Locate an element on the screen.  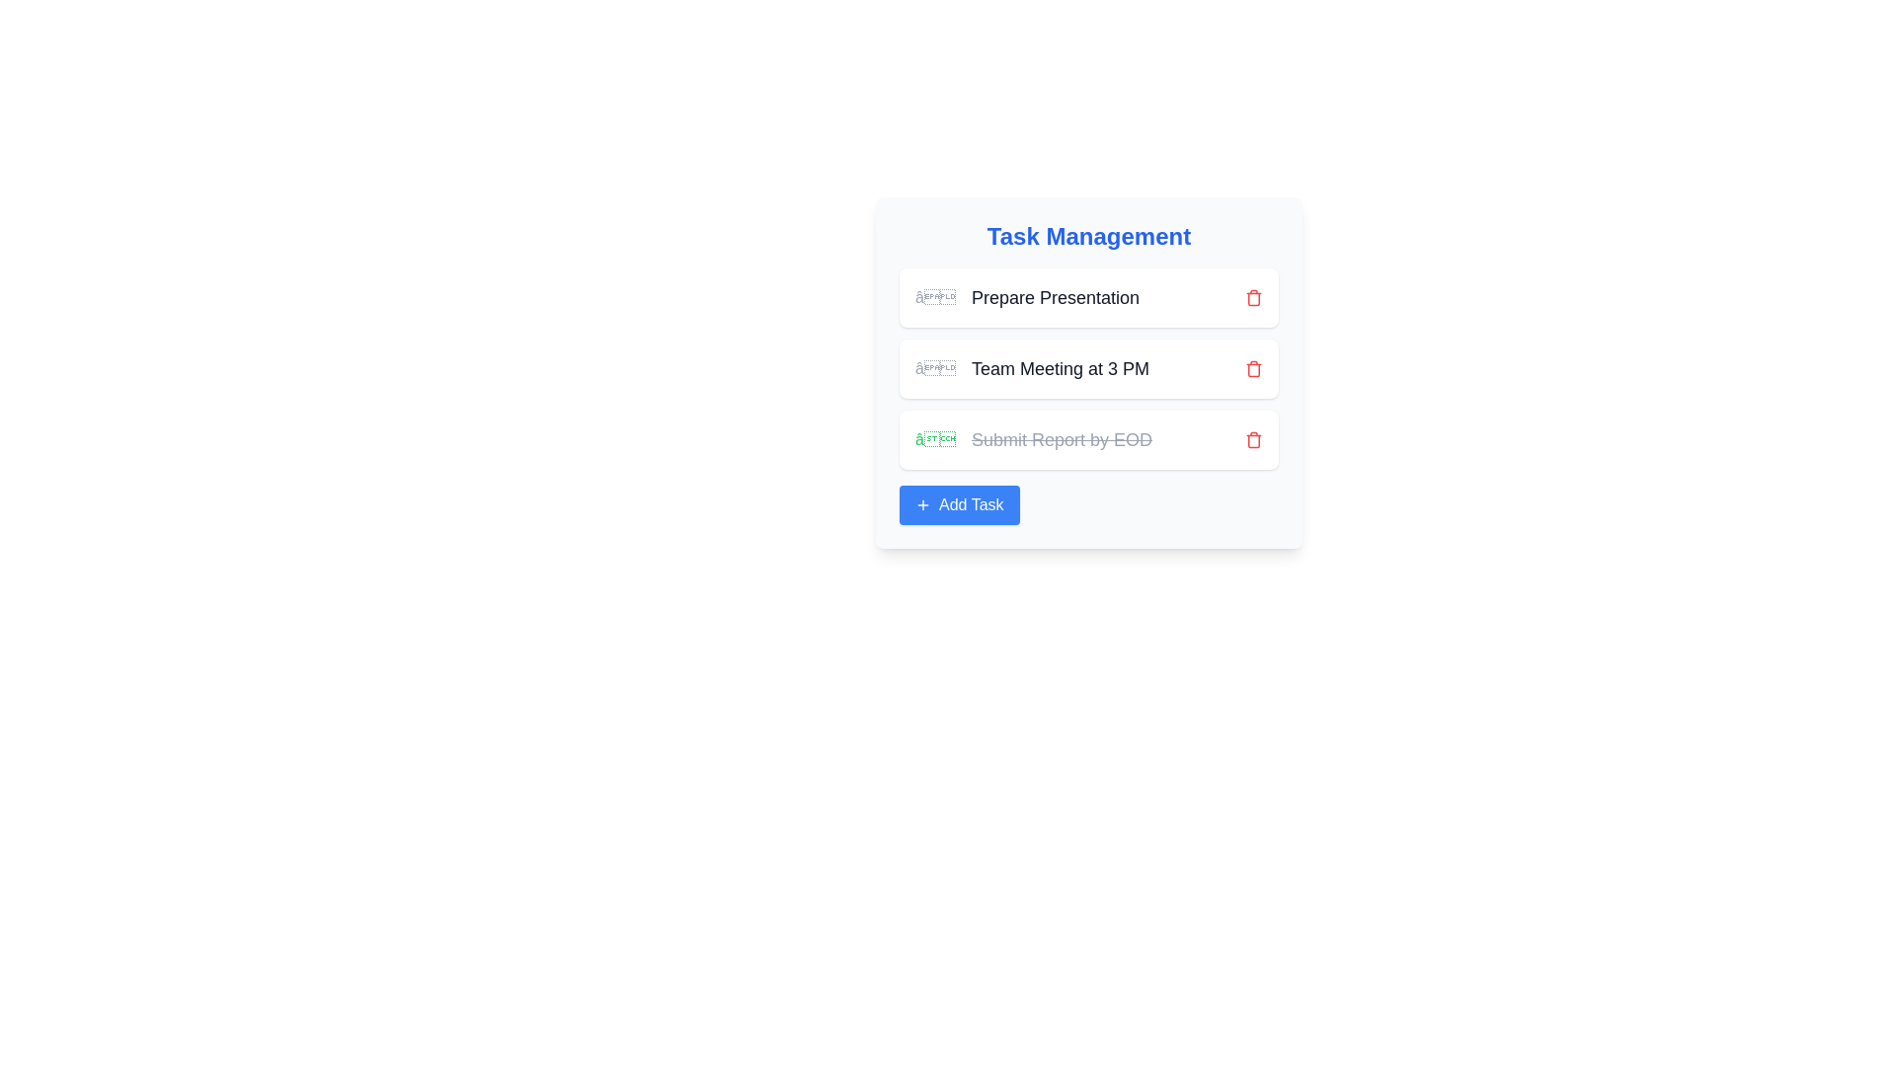
the completed task item in the Task Management interface, located in the third task row, which has a red delete icon on its right side is located at coordinates (1032, 439).